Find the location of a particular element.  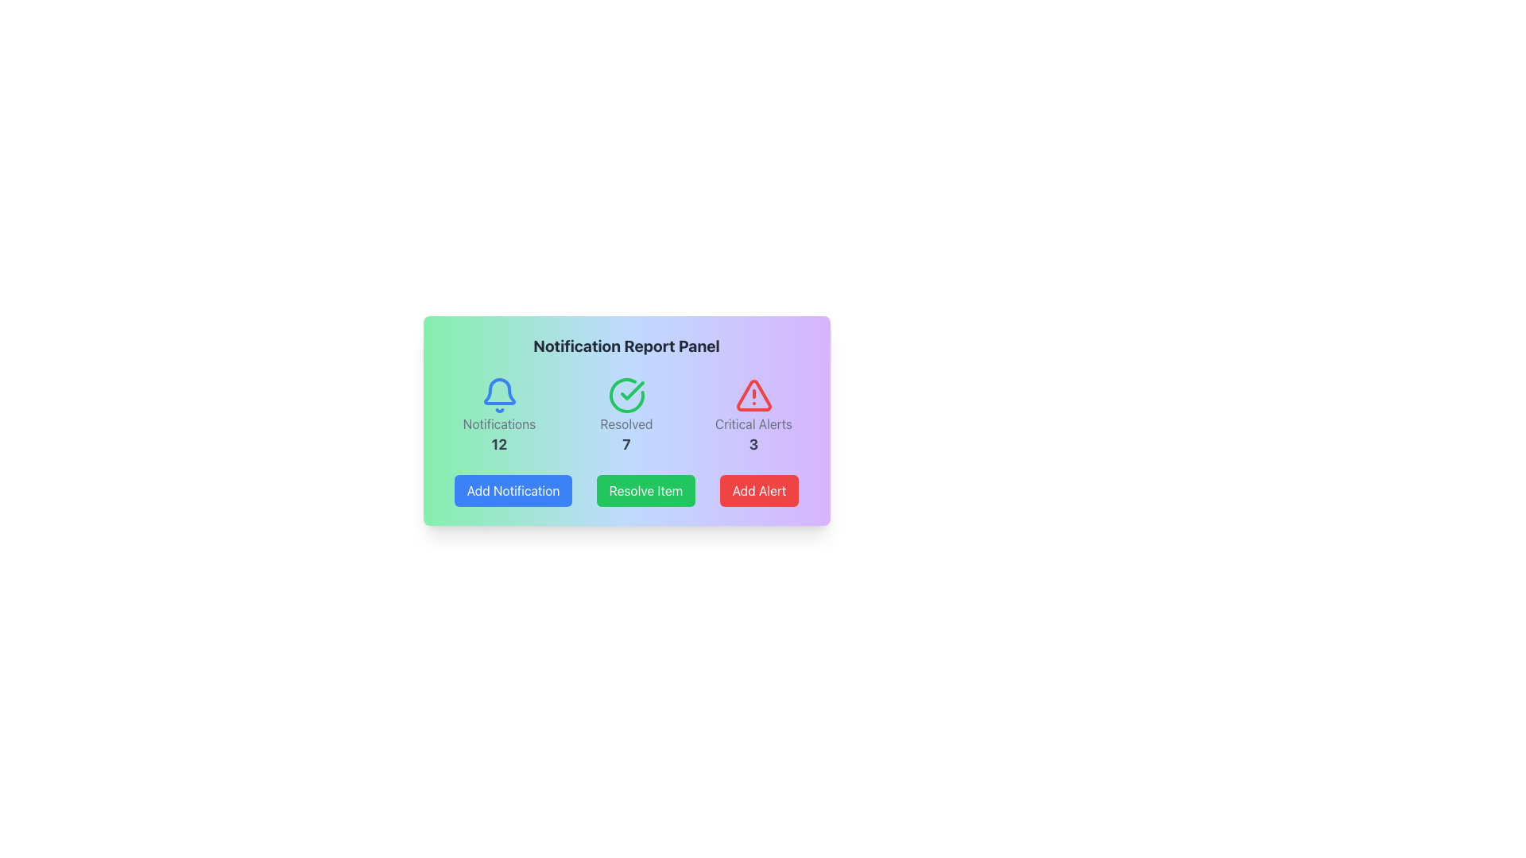

'Notifications' text label located beneath the blue bell icon to understand its information is located at coordinates (498, 423).